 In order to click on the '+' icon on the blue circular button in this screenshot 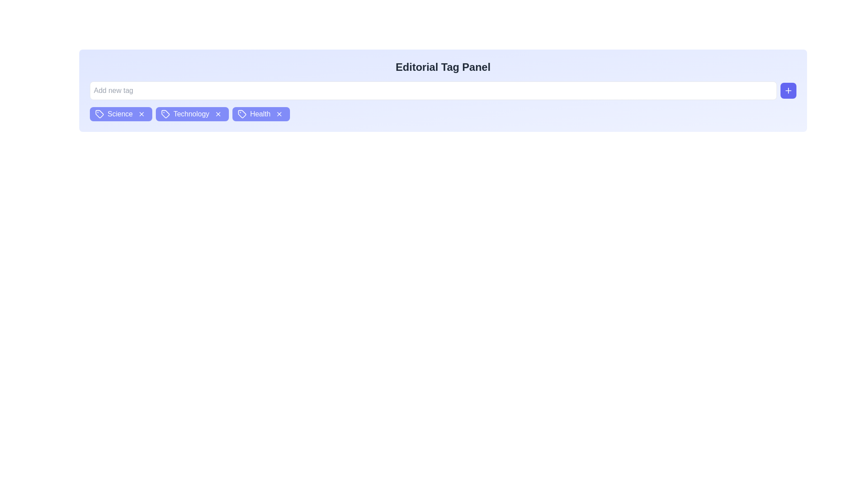, I will do `click(788, 90)`.